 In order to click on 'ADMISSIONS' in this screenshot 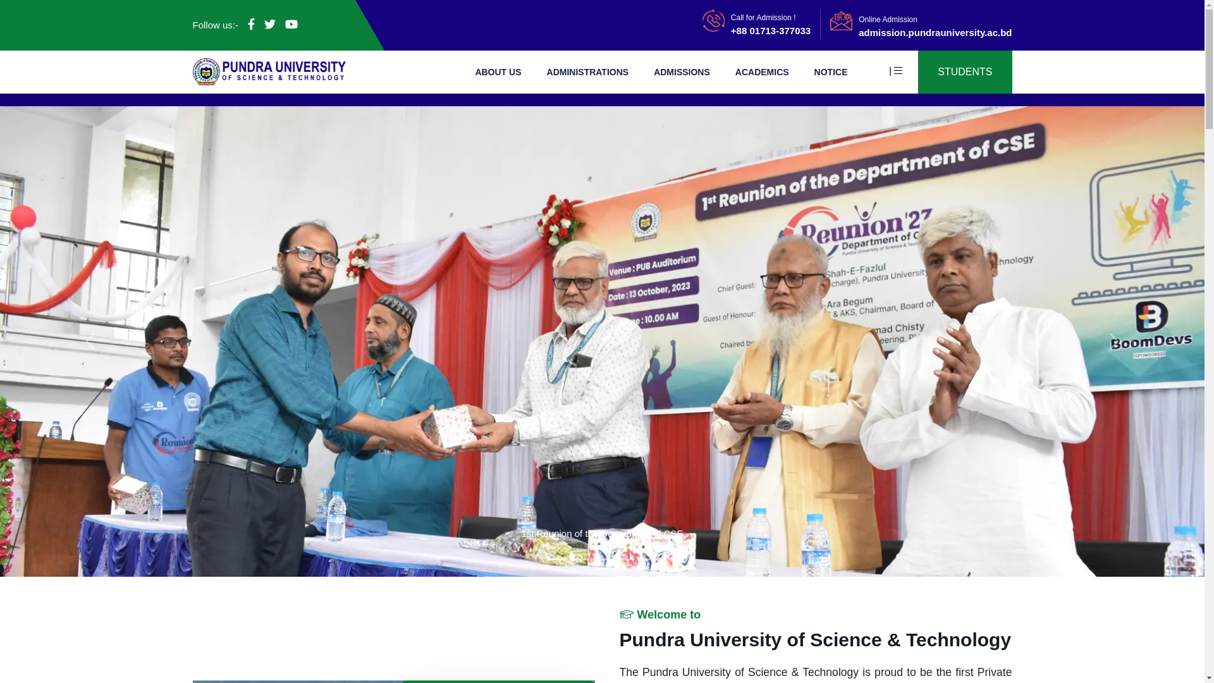, I will do `click(681, 71)`.